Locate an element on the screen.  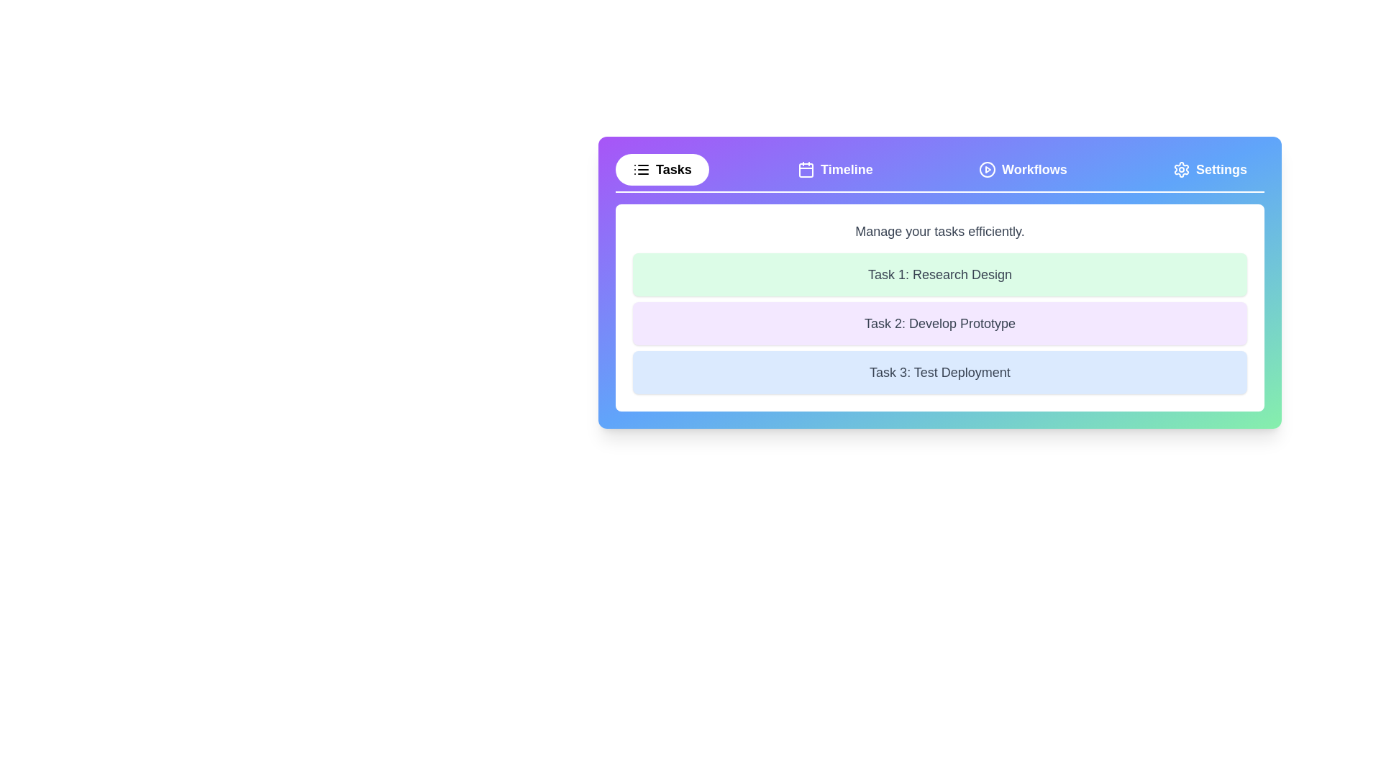
the Tasks tab by clicking on the corresponding tab button is located at coordinates (661, 168).